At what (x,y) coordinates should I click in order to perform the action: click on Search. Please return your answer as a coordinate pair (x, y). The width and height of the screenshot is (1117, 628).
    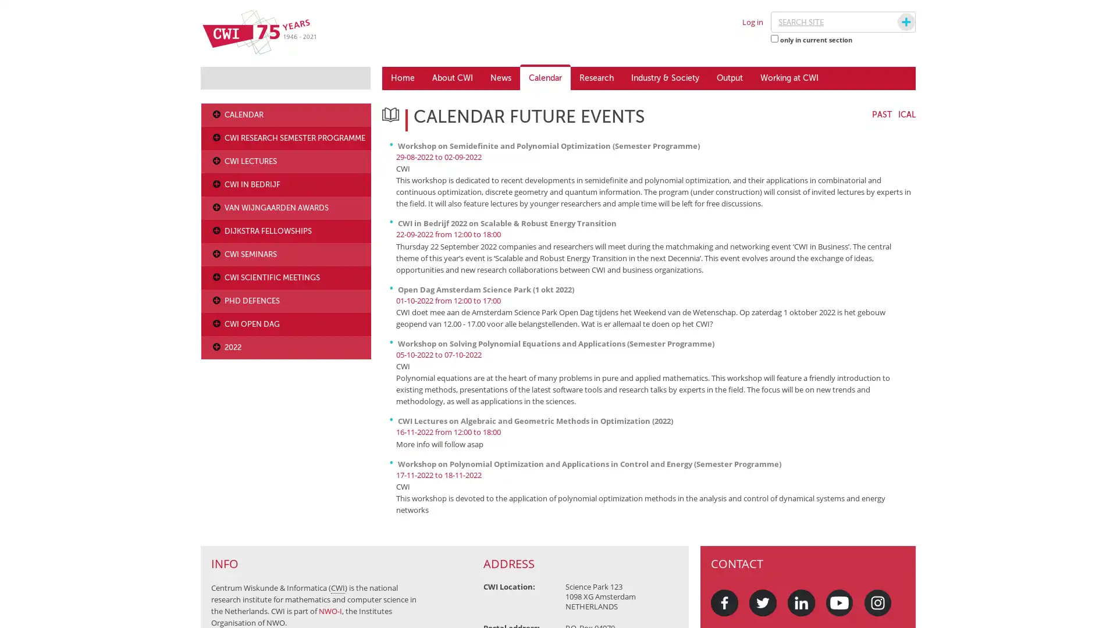
    Looking at the image, I should click on (895, 22).